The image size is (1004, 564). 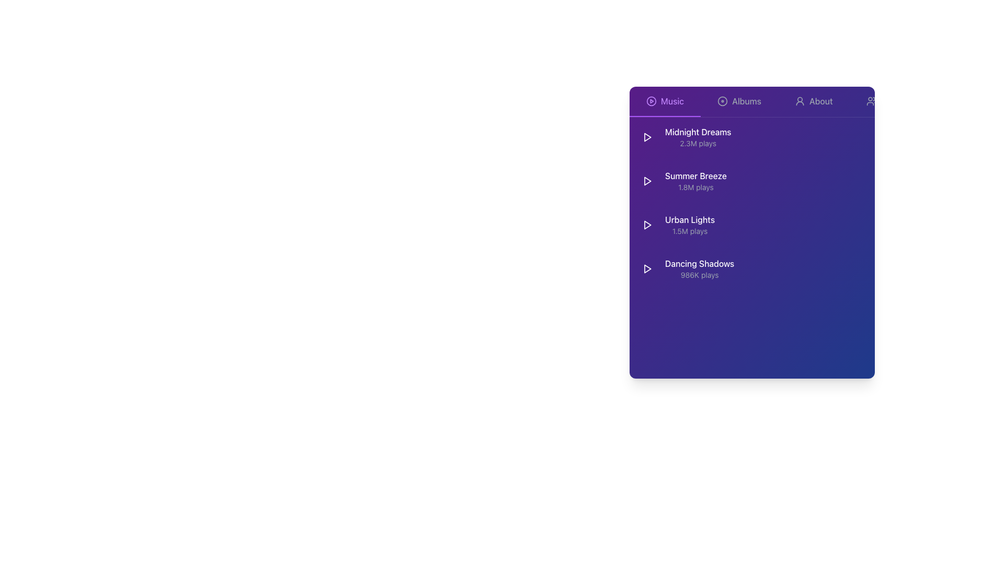 What do you see at coordinates (695, 181) in the screenshot?
I see `the Text Label displaying 'Summer Breeze' which is located in the sidebar, positioned between 'Midnight Dreams' and 'Urban Lights'` at bounding box center [695, 181].